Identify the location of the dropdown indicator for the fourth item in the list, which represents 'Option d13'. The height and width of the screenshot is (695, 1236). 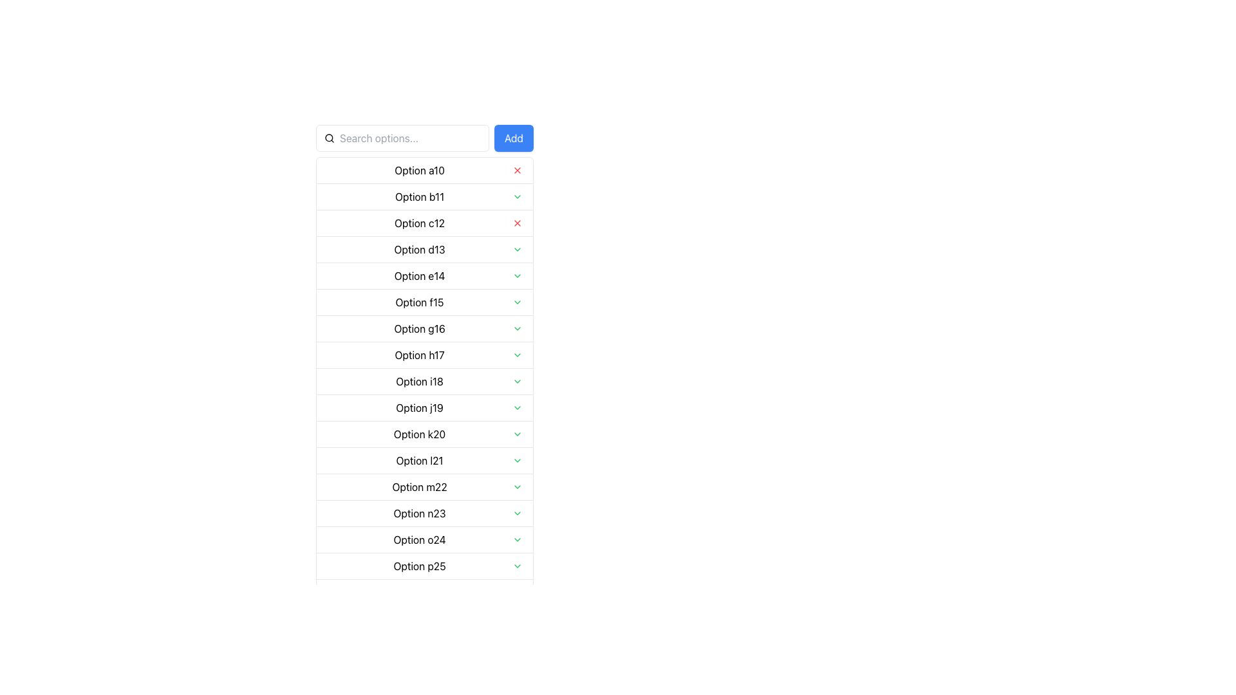
(425, 249).